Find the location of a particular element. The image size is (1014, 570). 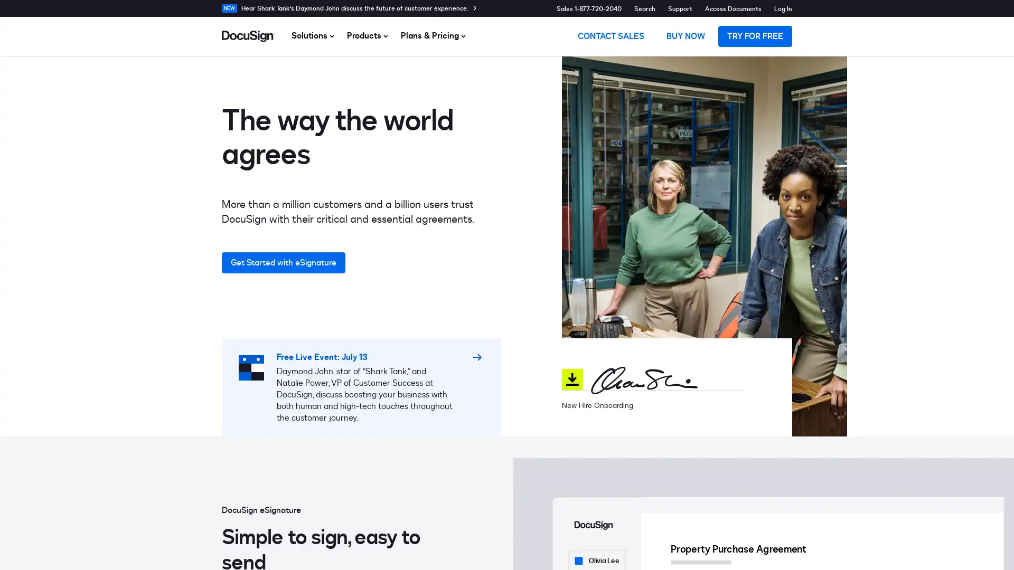

Do Not Sell My Personal Information is located at coordinates (826, 546).